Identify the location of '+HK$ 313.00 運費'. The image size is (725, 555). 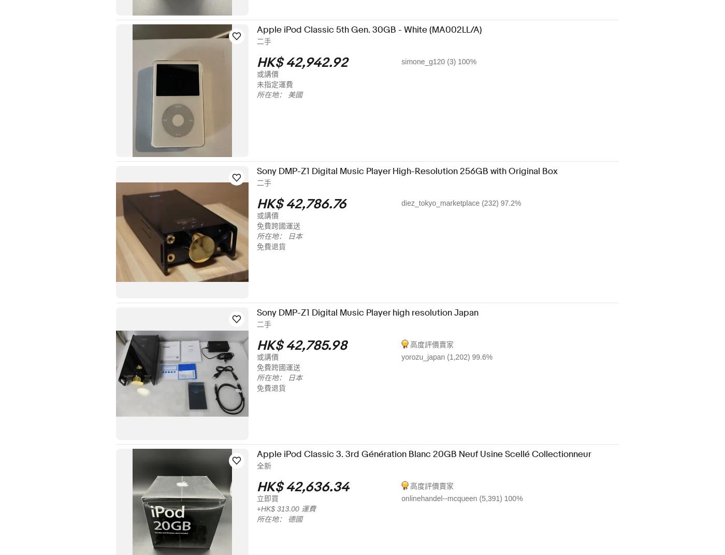
(293, 508).